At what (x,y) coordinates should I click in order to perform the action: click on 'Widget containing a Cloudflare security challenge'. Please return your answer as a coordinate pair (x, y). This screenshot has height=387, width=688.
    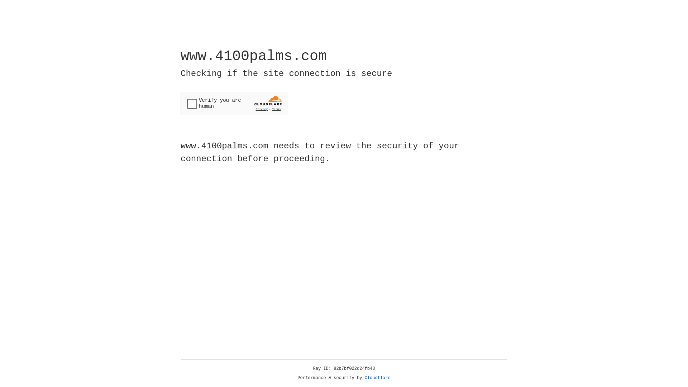
    Looking at the image, I should click on (234, 103).